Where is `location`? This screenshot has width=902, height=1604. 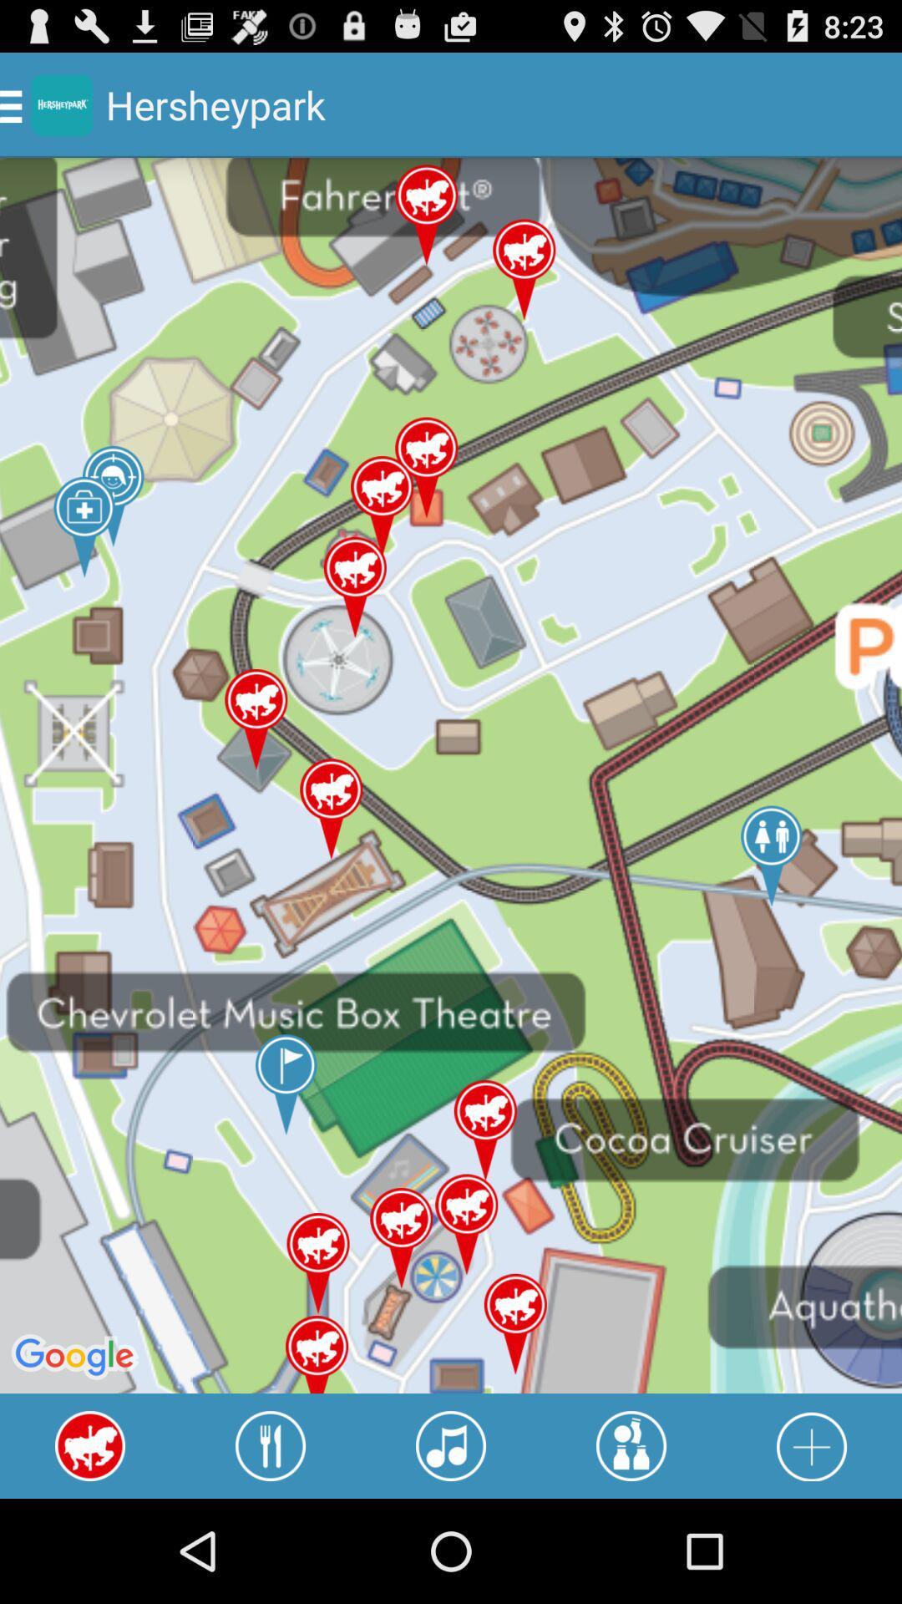
location is located at coordinates (811, 1445).